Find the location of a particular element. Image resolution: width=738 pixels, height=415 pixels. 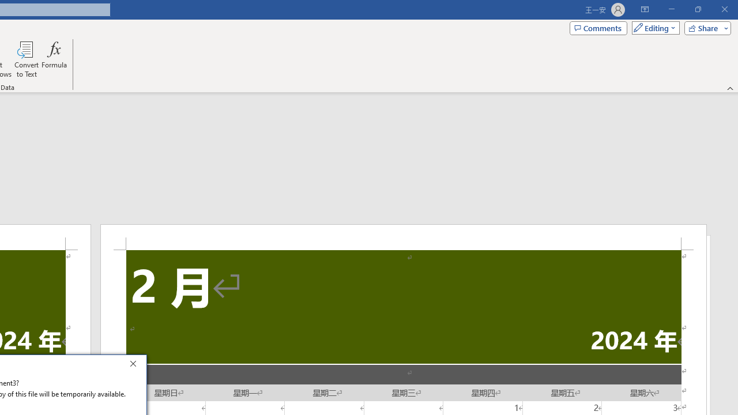

'Convert to Text...' is located at coordinates (27, 59).